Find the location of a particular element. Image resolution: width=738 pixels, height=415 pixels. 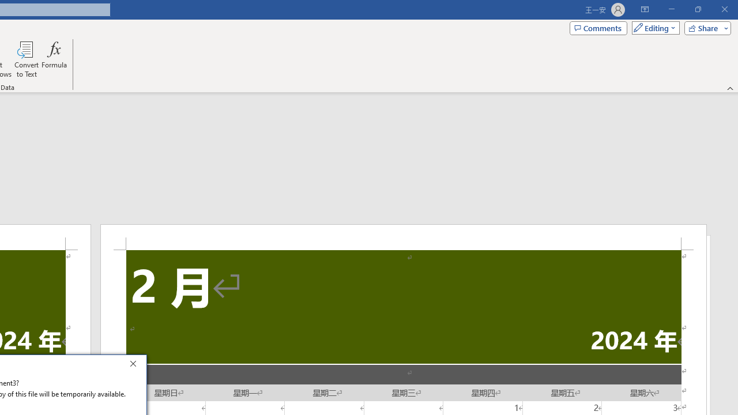

'Convert to Text...' is located at coordinates (27, 59).